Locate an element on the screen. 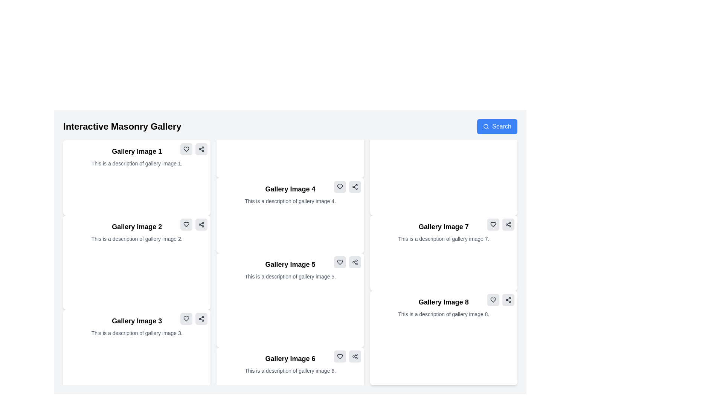  the share button located to the right of the heart icon in the card labeled 'Gallery Image 5' is located at coordinates (354, 262).